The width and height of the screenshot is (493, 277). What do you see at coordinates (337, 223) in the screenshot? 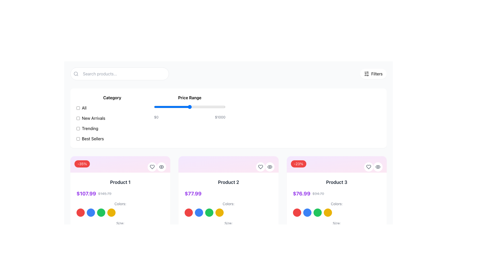
I see `the static text label indicating size options for 'Product 3', located beneath the 'Colors:' label and above the size selection options` at bounding box center [337, 223].